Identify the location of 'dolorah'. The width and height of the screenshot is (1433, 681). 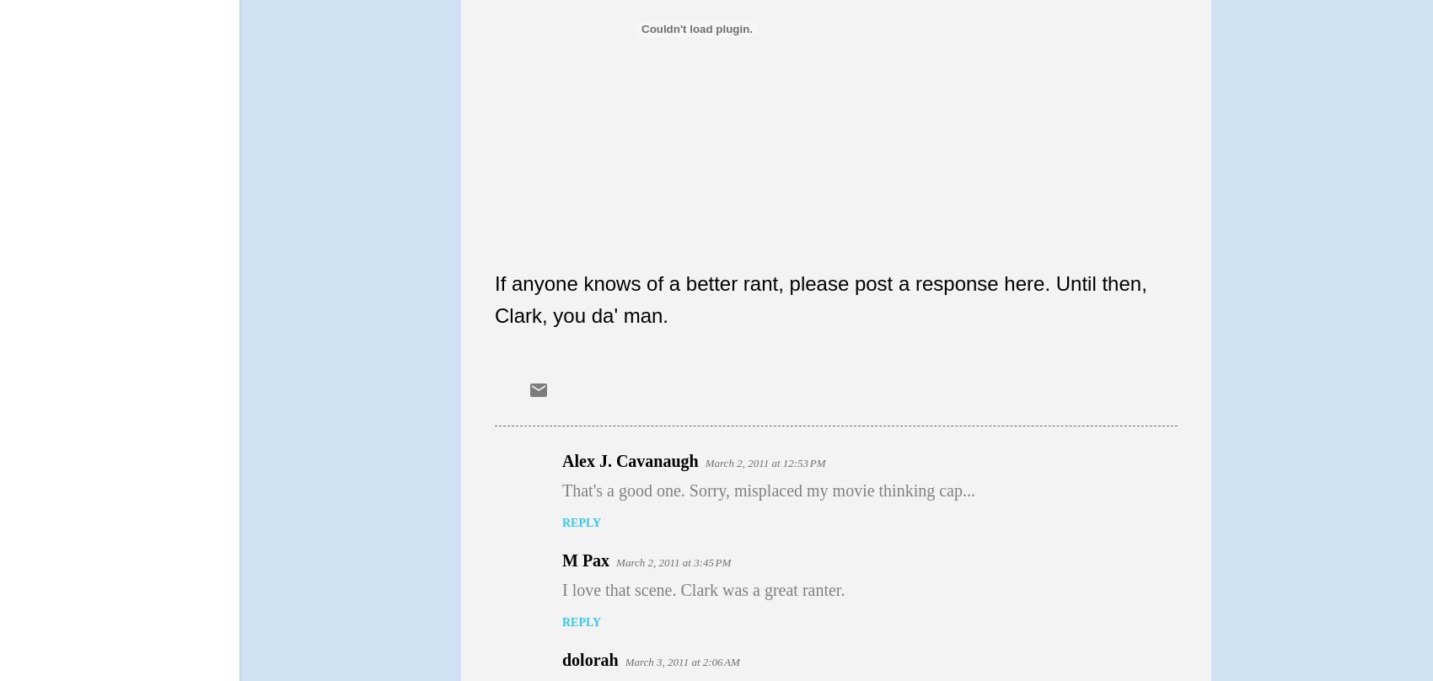
(590, 657).